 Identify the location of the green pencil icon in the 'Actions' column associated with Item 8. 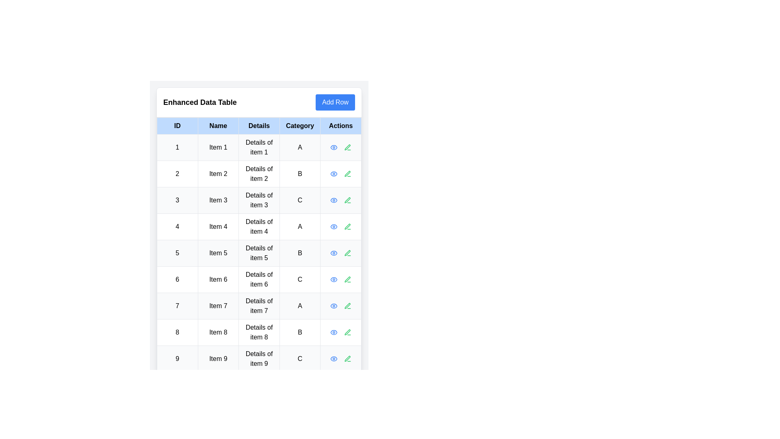
(348, 332).